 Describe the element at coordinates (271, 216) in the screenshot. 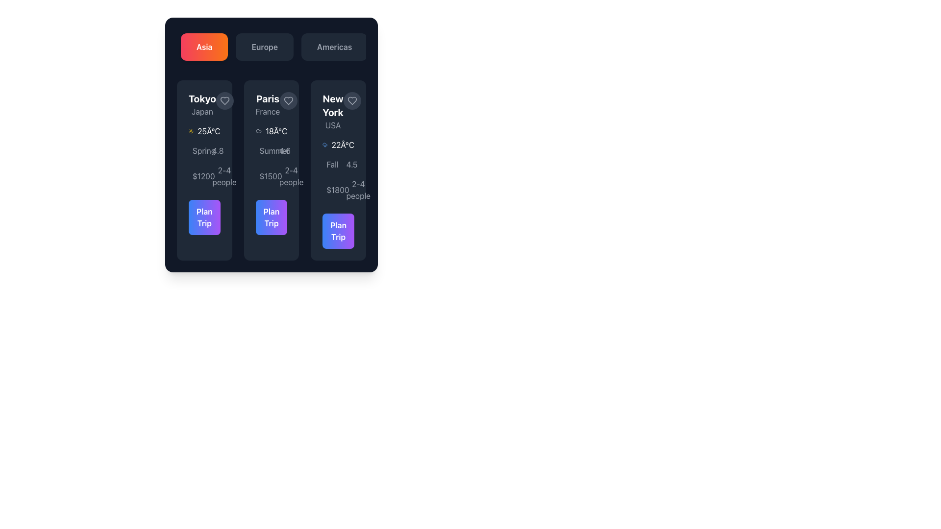

I see `the button located at the bottom of the 'Paris, France' card under the 'Europe' category to proceed with trip planning` at that location.